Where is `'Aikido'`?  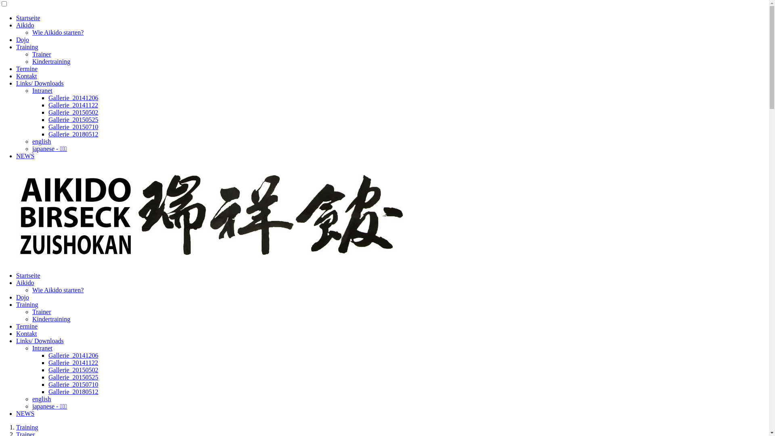 'Aikido' is located at coordinates (16, 282).